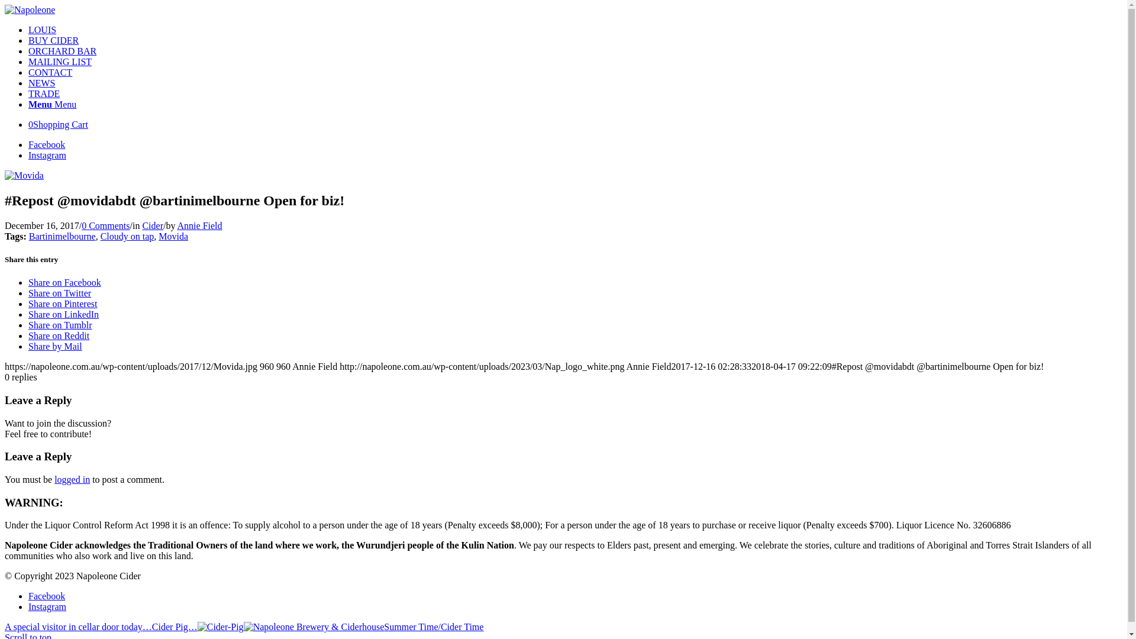  Describe the element at coordinates (28, 62) in the screenshot. I see `'MAILING LIST'` at that location.